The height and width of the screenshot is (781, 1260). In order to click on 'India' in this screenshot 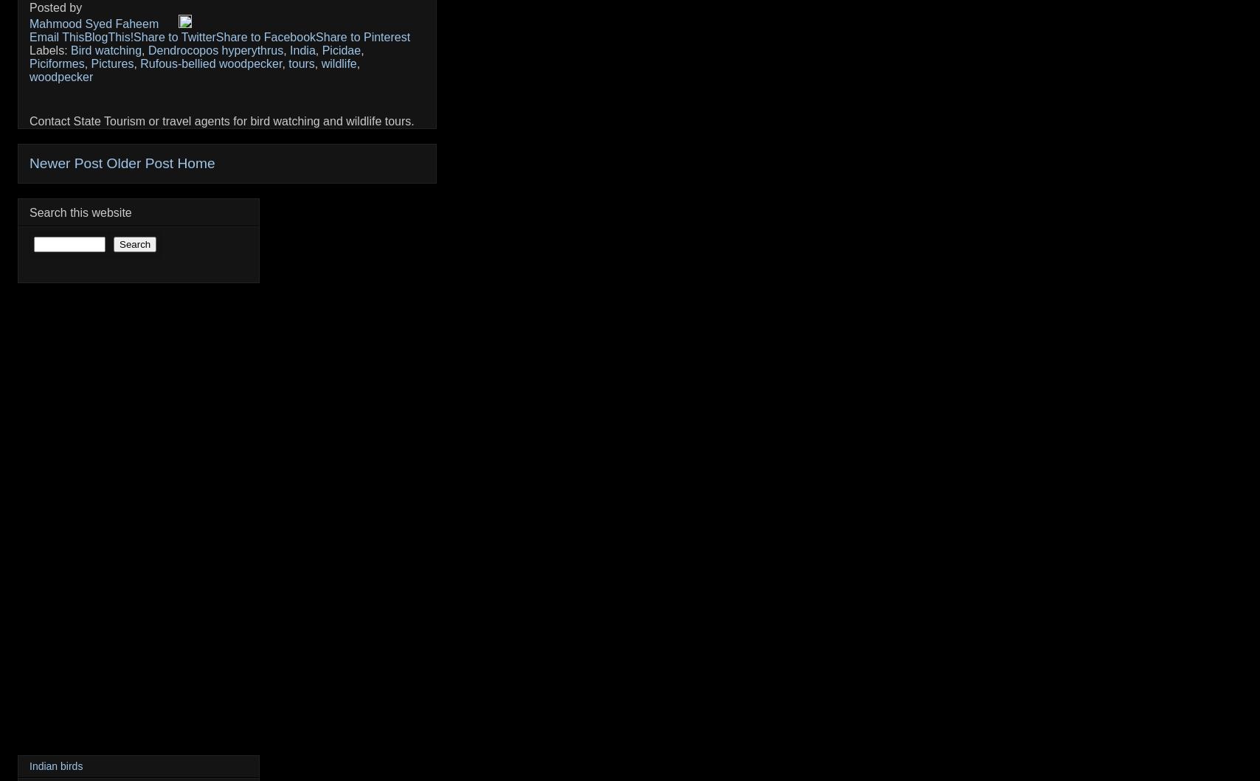, I will do `click(302, 50)`.